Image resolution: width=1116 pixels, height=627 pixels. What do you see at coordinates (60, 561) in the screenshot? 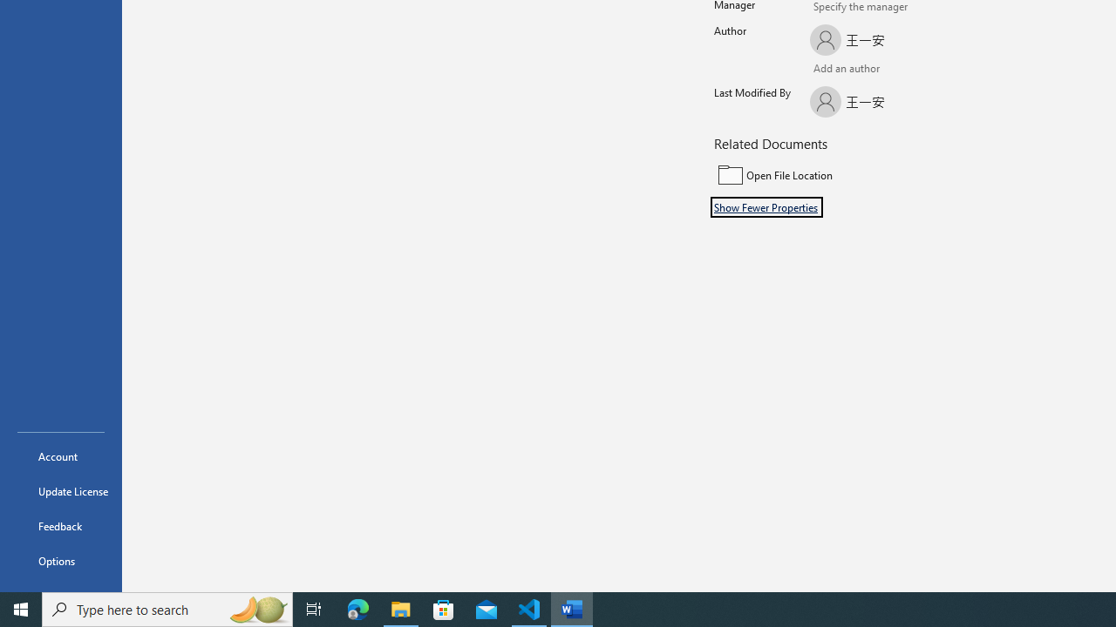
I see `'Options'` at bounding box center [60, 561].